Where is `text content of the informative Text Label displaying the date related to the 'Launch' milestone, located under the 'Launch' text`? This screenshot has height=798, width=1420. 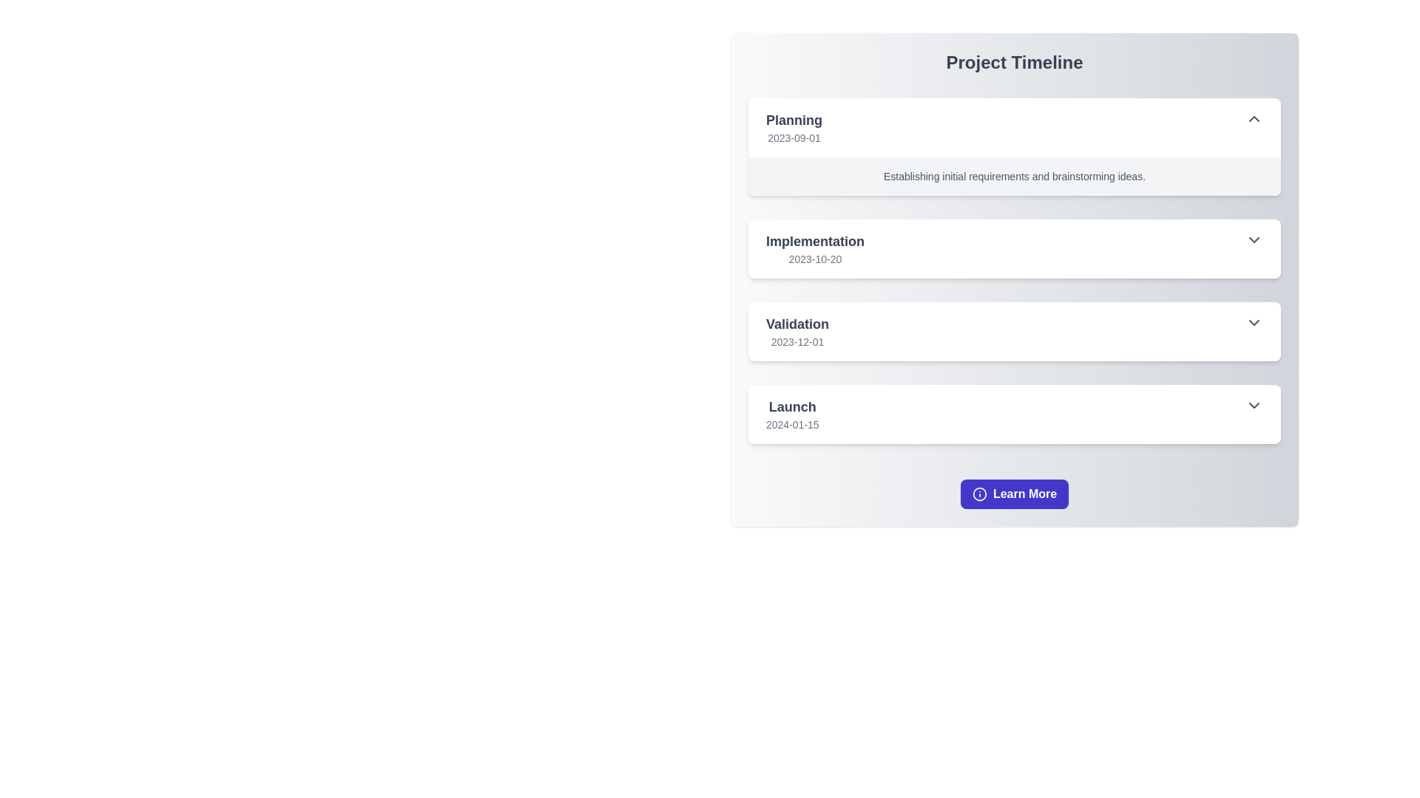
text content of the informative Text Label displaying the date related to the 'Launch' milestone, located under the 'Launch' text is located at coordinates (791, 424).